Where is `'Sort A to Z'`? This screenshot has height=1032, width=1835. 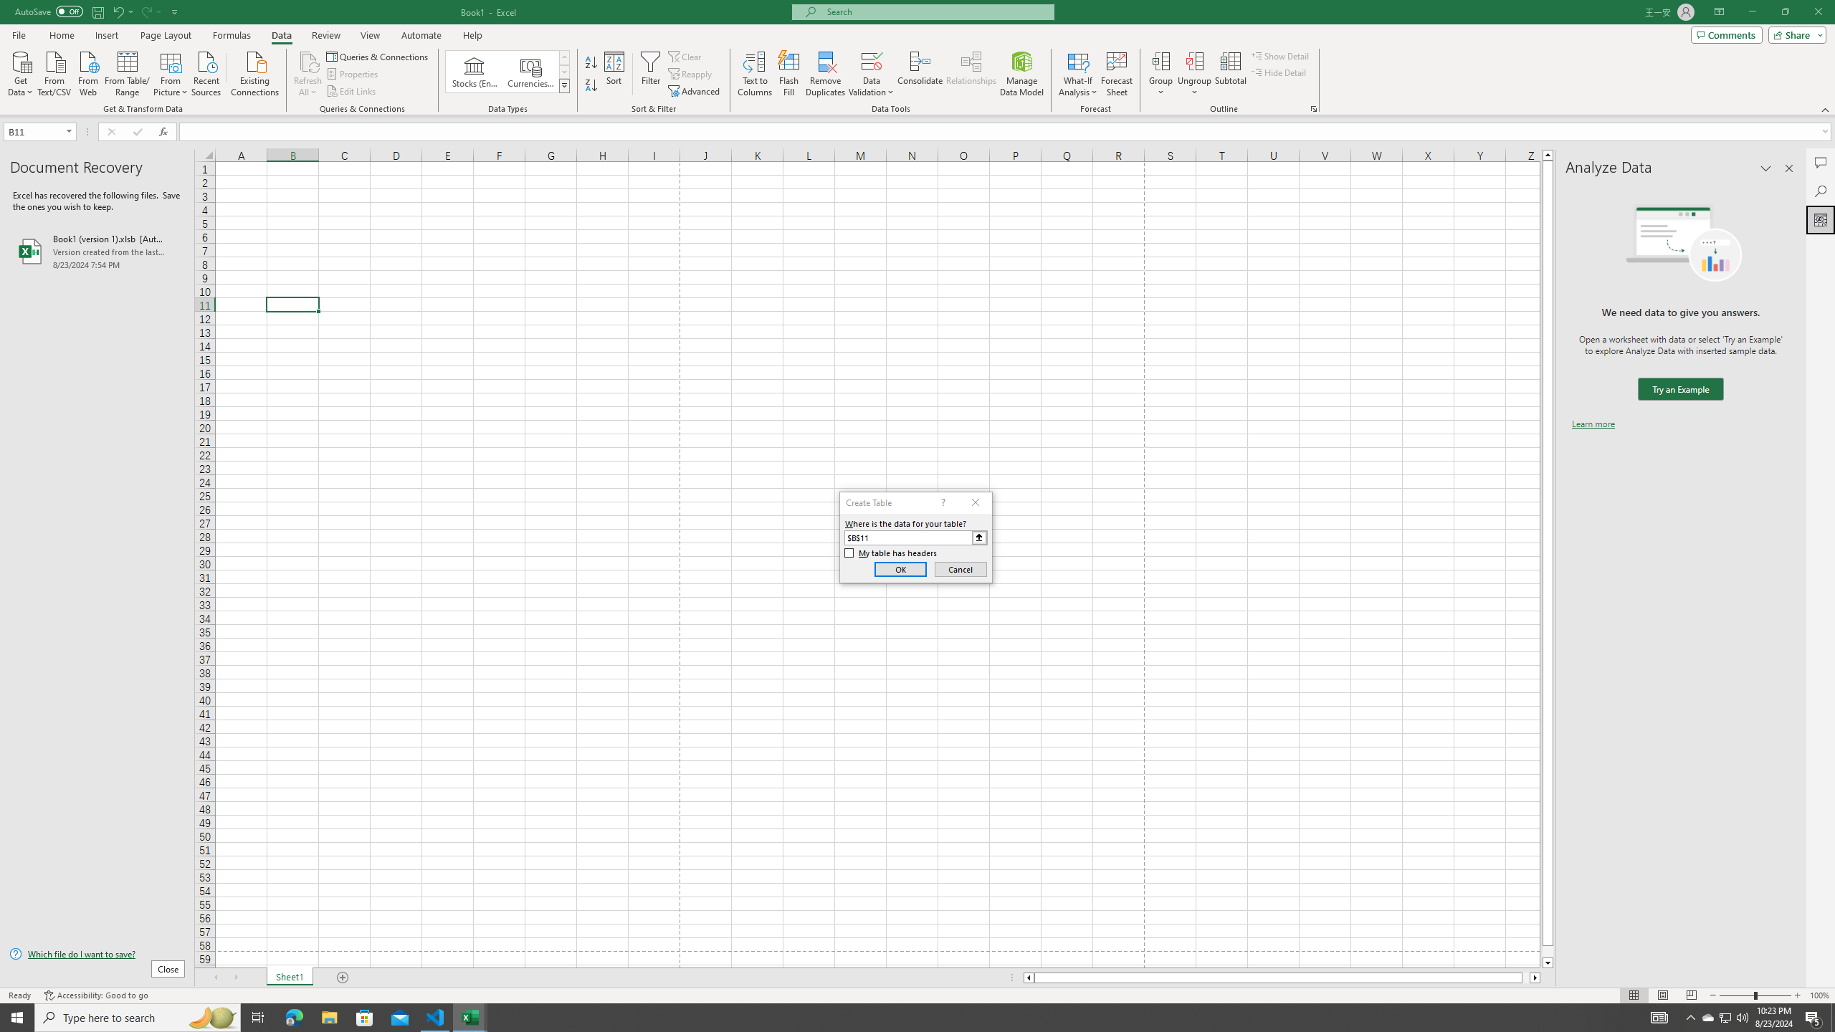
'Sort A to Z' is located at coordinates (591, 62).